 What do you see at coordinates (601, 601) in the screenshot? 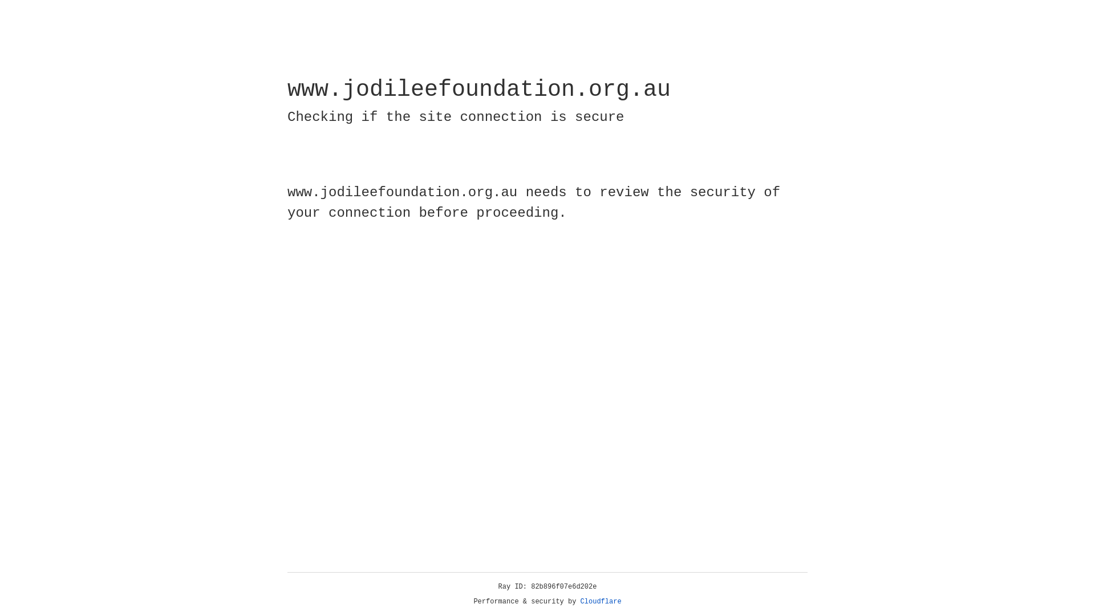
I see `'Cloudflare'` at bounding box center [601, 601].